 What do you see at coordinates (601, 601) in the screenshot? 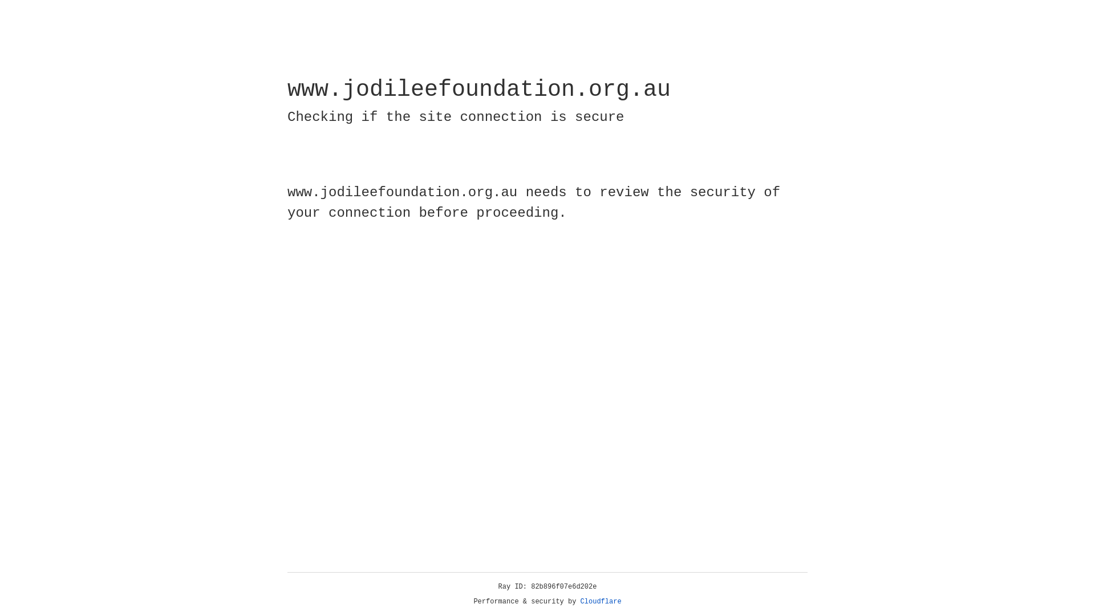
I see `'Cloudflare'` at bounding box center [601, 601].